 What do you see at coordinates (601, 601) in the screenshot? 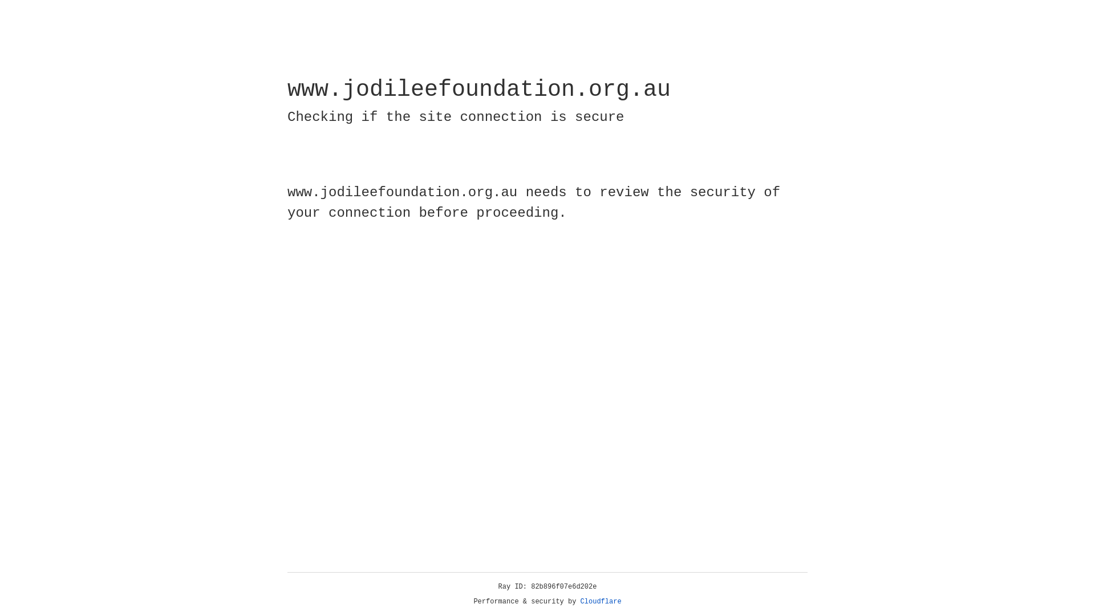
I see `'Cloudflare'` at bounding box center [601, 601].